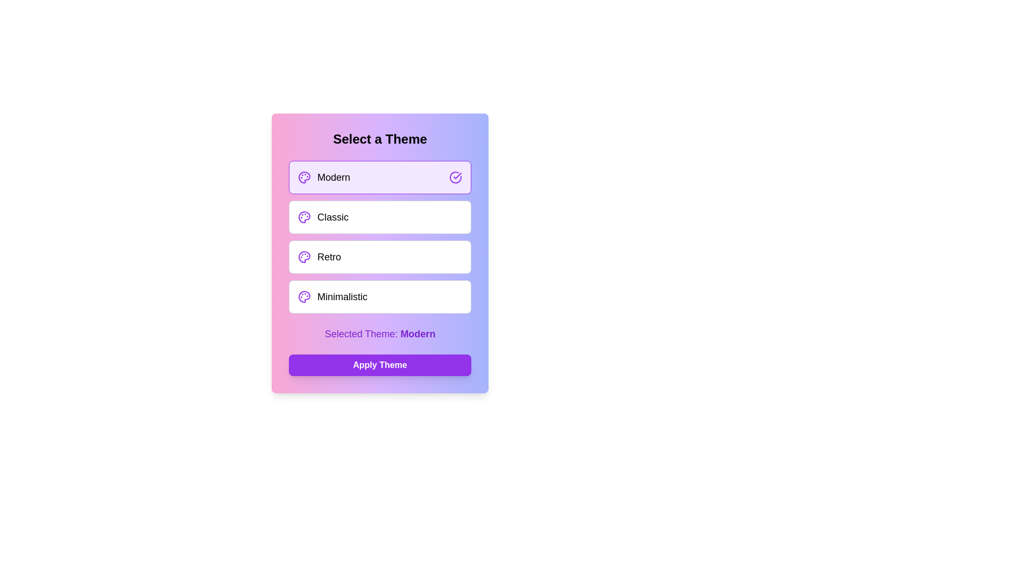  Describe the element at coordinates (380, 364) in the screenshot. I see `the 'Apply Theme' button, which is a rectangular button with rounded corners, a purple background, and white text, located below 'Selected Theme: Modern'` at that location.